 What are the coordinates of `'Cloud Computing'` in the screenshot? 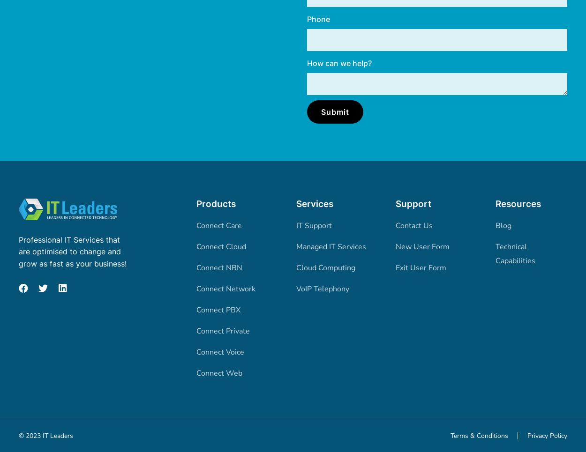 It's located at (325, 267).